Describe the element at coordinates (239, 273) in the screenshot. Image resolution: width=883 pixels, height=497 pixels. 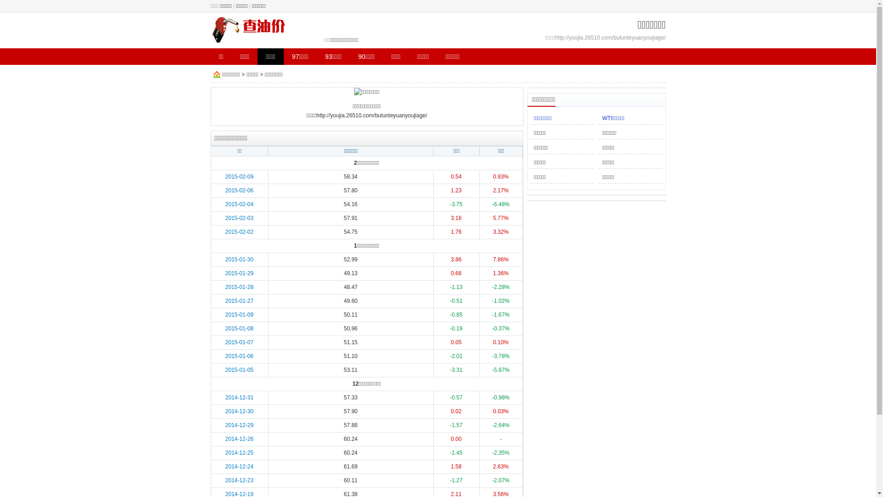
I see `'2015-01-29'` at that location.